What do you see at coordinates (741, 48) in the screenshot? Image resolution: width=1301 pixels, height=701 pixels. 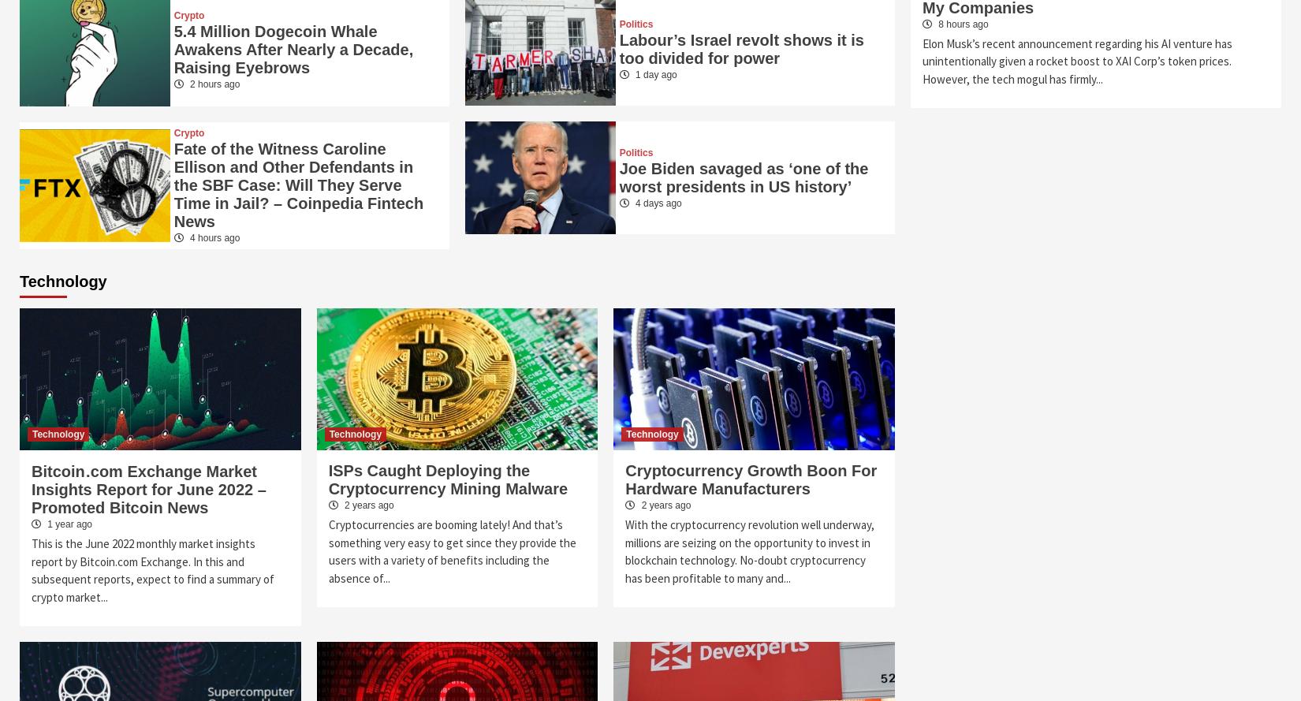 I see `'Labour’s Israel revolt shows it is too divided for power'` at bounding box center [741, 48].